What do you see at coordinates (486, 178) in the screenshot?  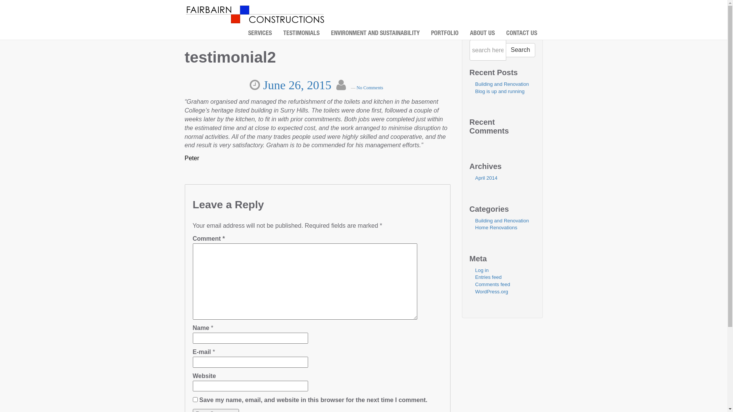 I see `'April 2014'` at bounding box center [486, 178].